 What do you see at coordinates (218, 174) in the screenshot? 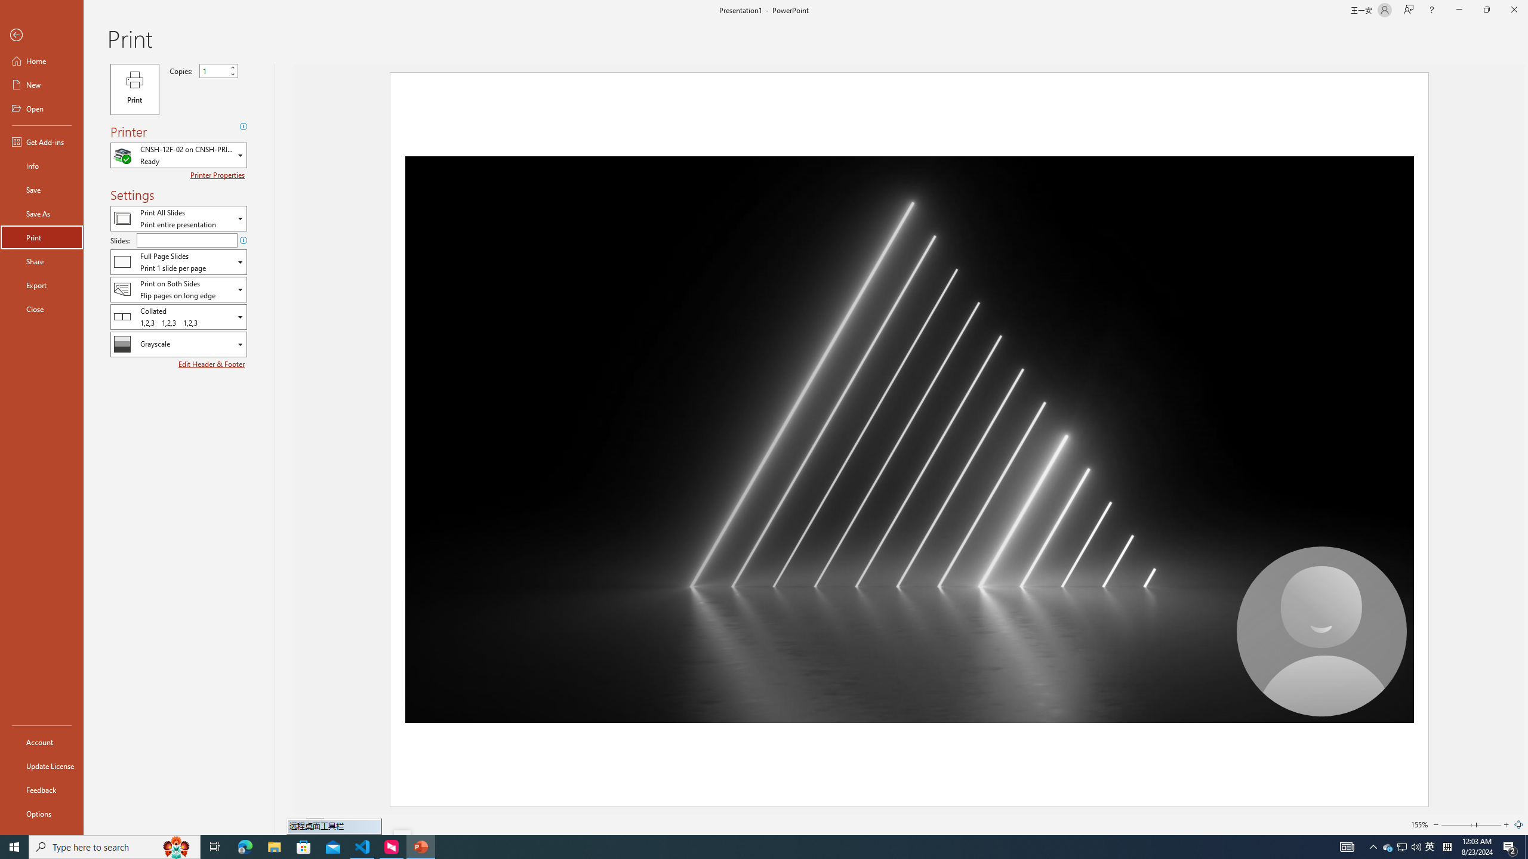
I see `'Printer Properties'` at bounding box center [218, 174].